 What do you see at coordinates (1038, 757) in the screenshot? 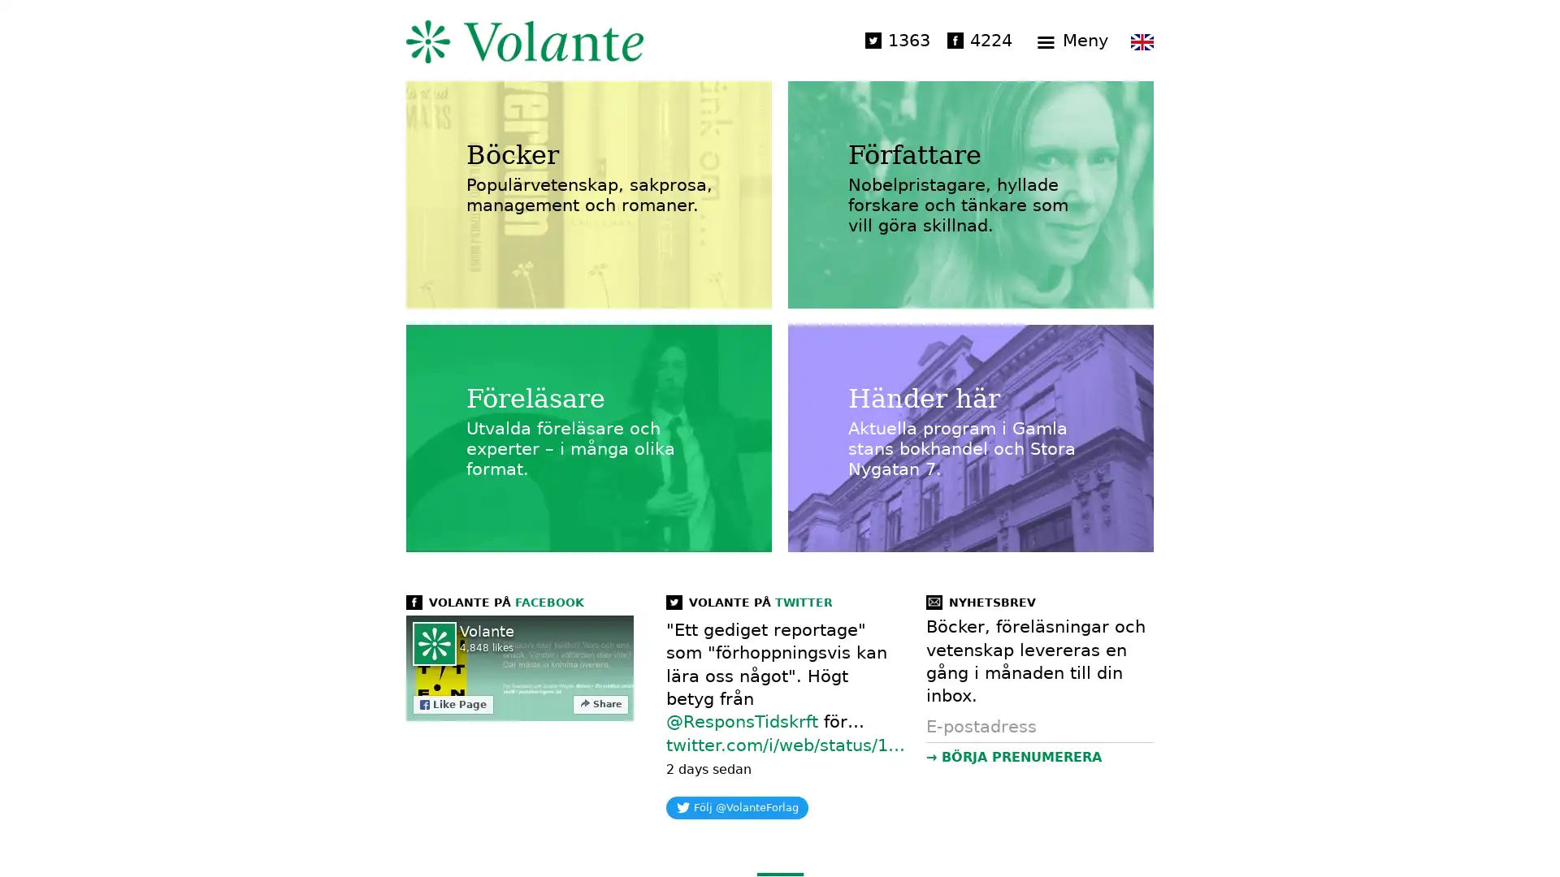
I see `Borja prenumerera` at bounding box center [1038, 757].